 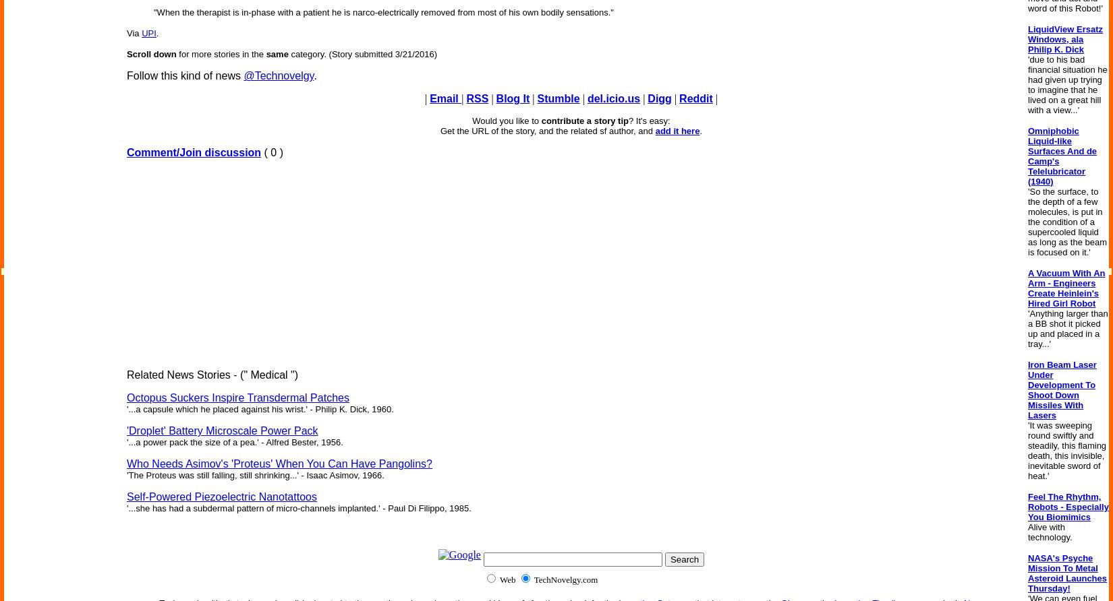 I want to click on ''So the surface, to the depth of a few molecules, is put in the condition of a supercooled liquid as long as the beam is focused on it.'', so click(x=1066, y=222).